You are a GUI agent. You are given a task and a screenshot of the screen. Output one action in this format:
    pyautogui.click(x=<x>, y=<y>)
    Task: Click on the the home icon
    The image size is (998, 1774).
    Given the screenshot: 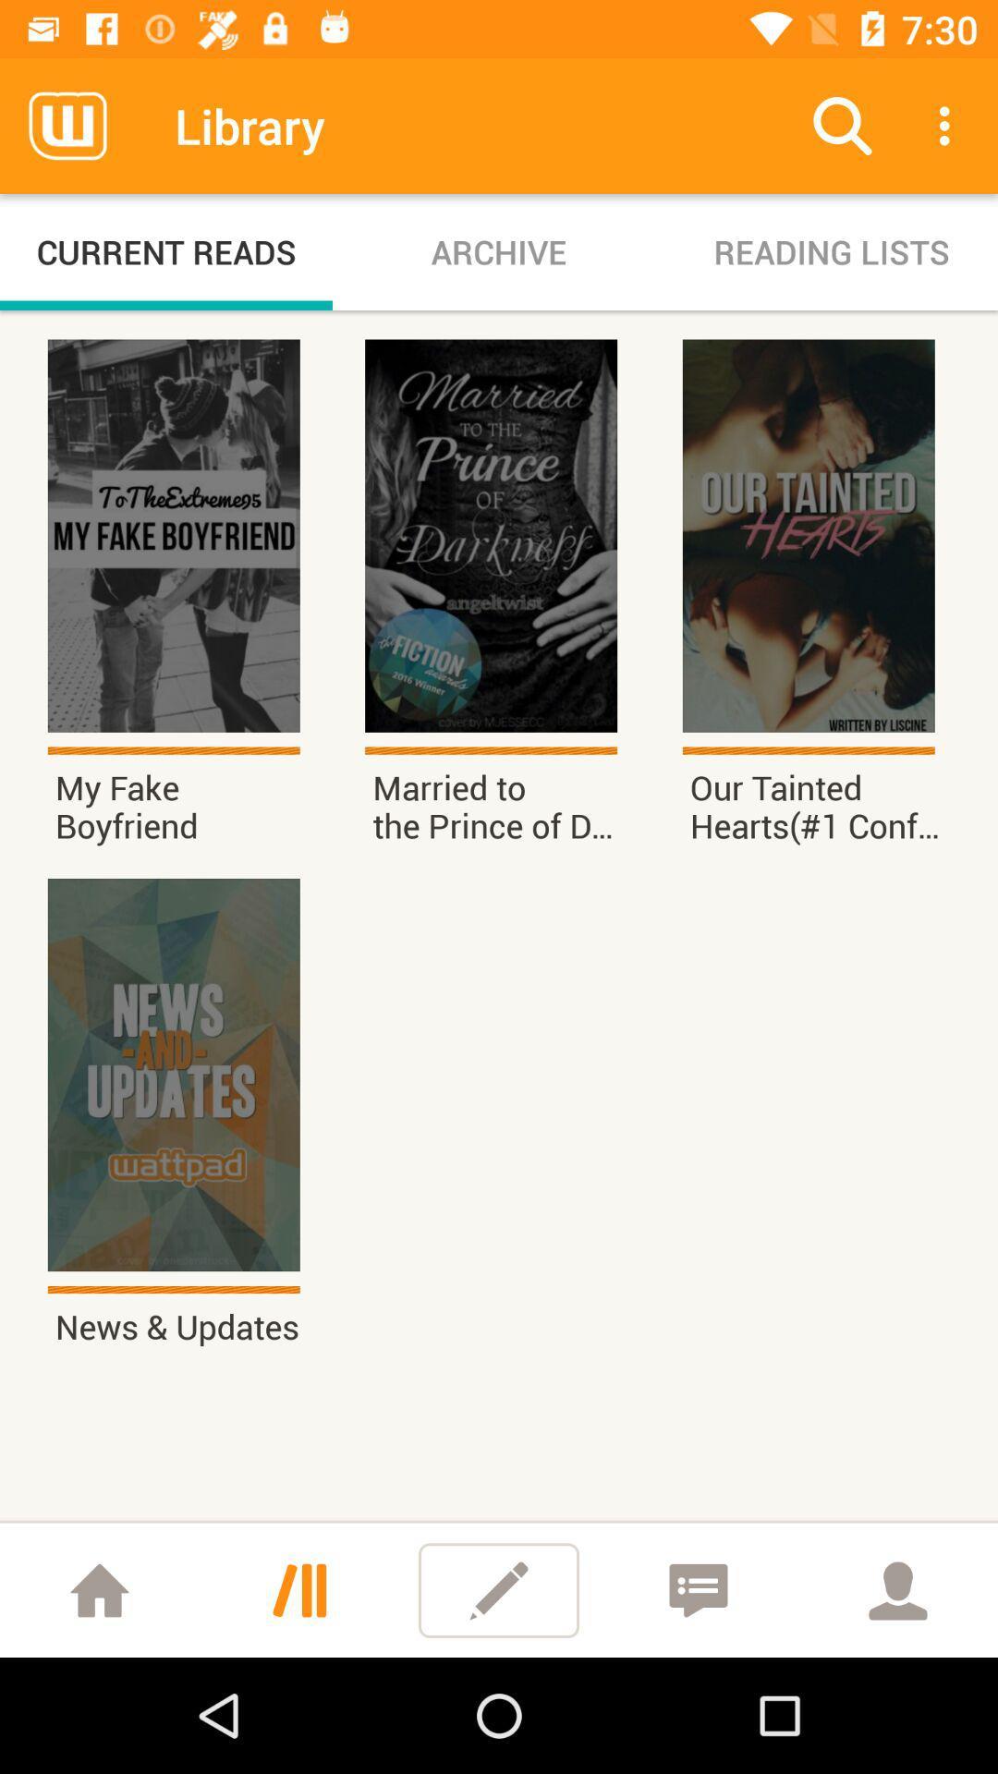 What is the action you would take?
    pyautogui.click(x=100, y=1589)
    